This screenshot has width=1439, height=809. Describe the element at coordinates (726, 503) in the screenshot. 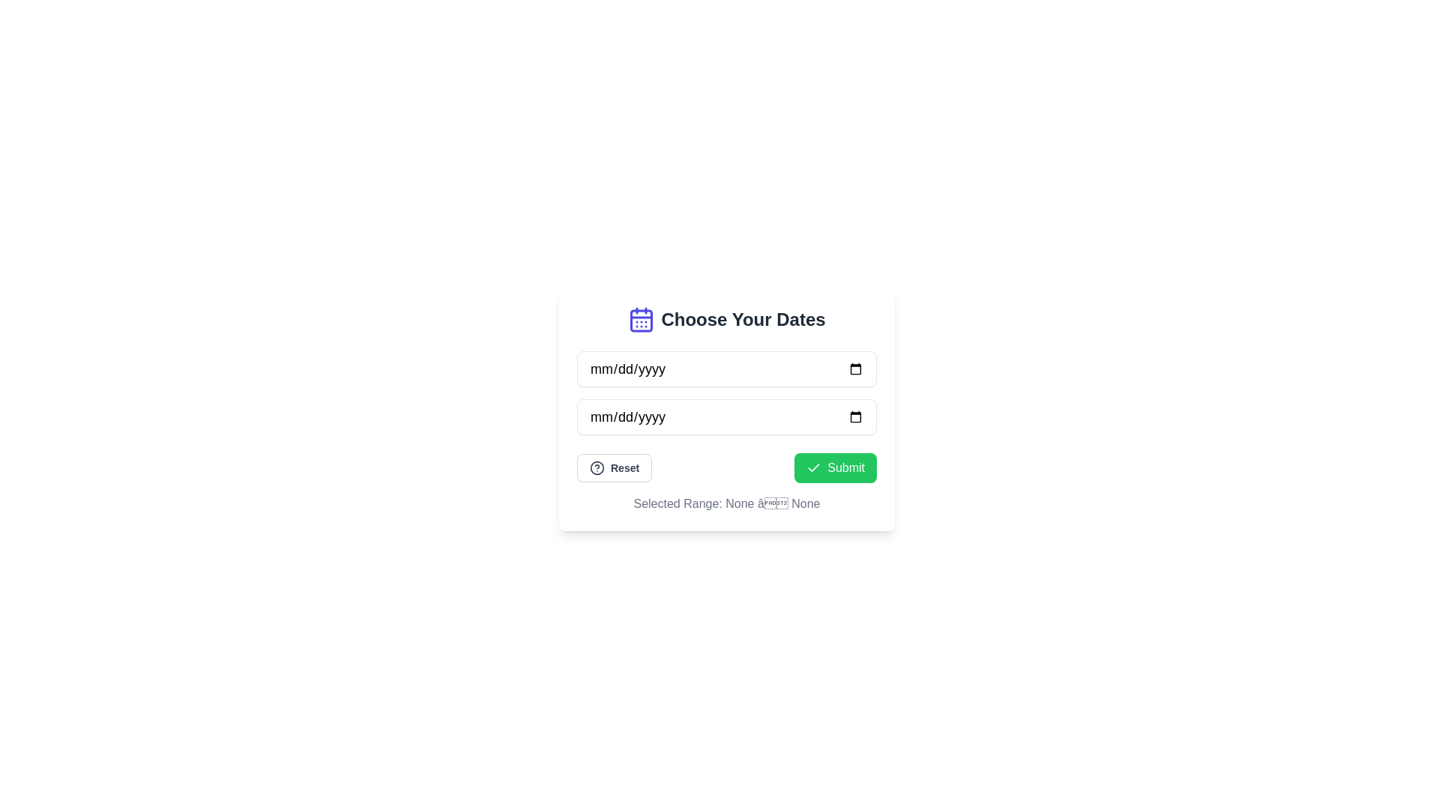

I see `the static textual indicator that states 'Selected Range: None – None', which is displayed in muted gray font below the green 'Submit' button` at that location.